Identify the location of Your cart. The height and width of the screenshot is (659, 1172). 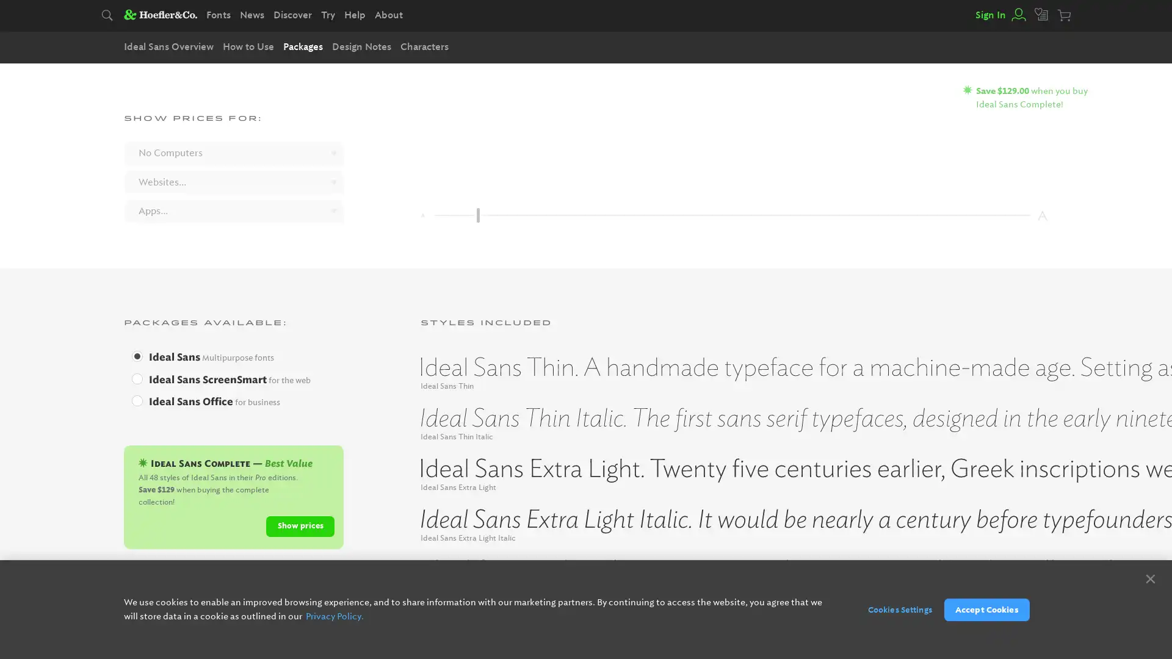
(1065, 16).